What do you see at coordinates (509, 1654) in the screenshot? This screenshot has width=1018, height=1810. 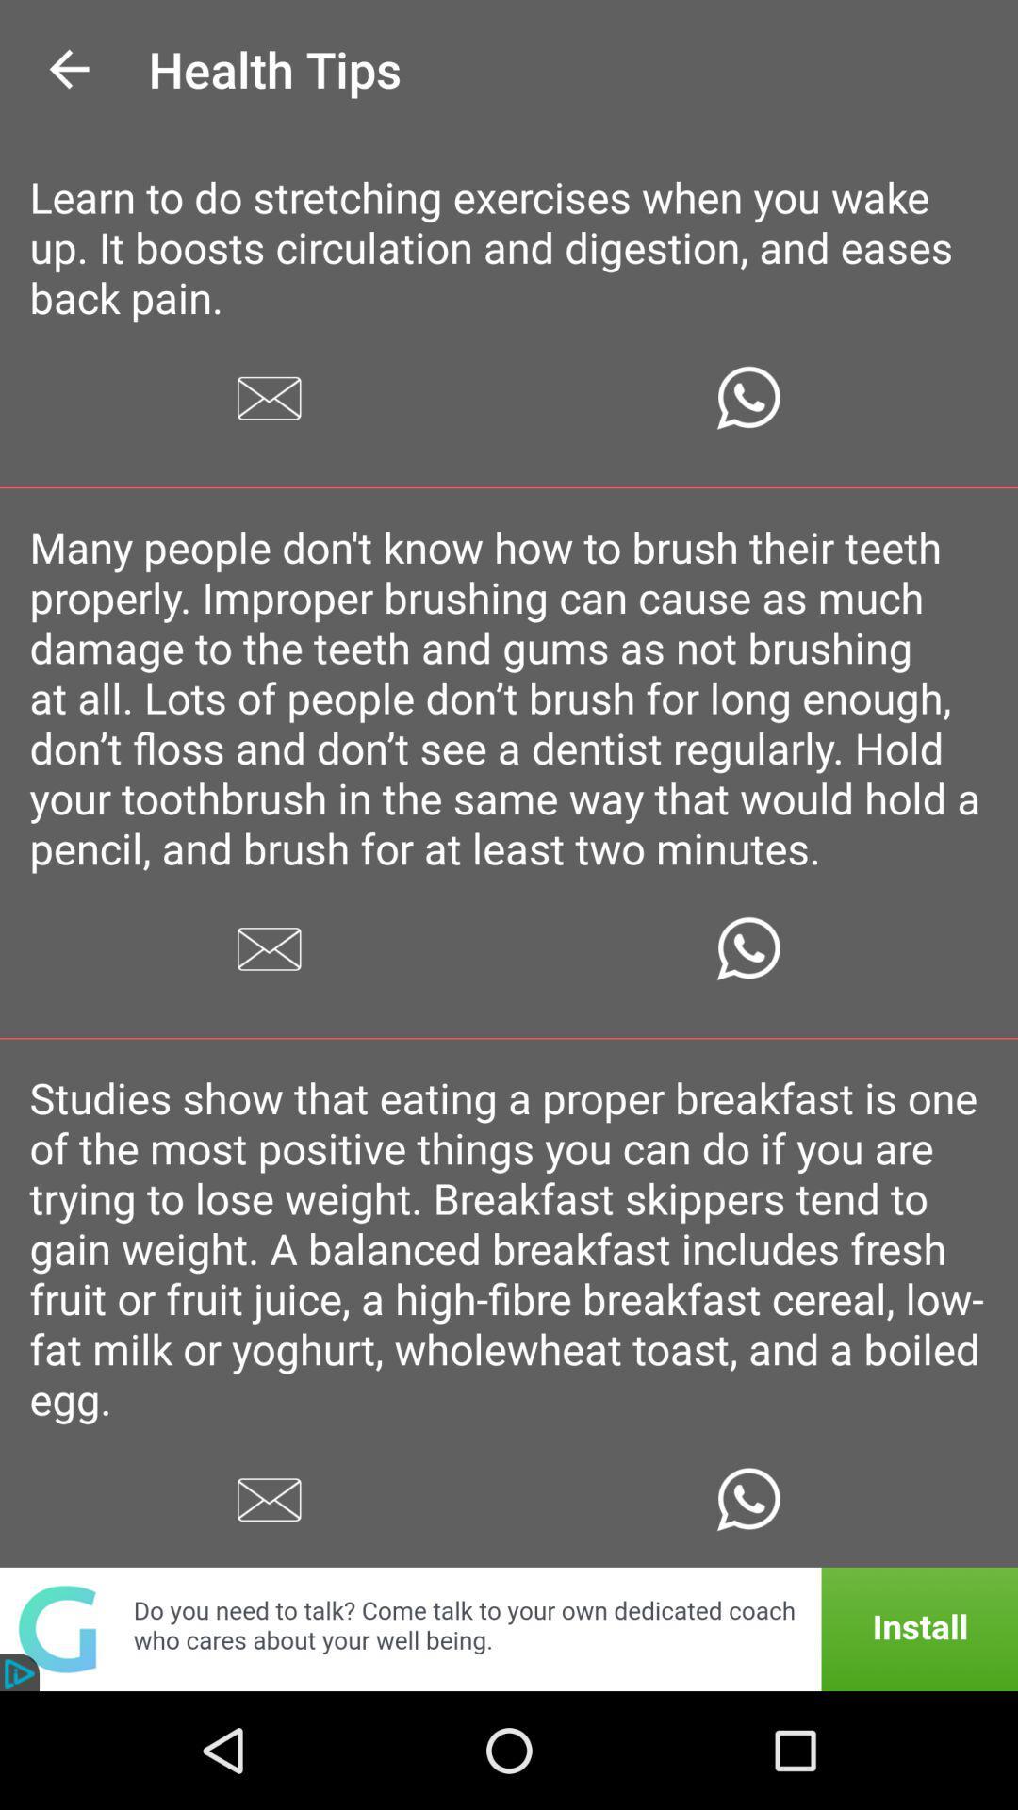 I see `the garlic onions spring icon` at bounding box center [509, 1654].